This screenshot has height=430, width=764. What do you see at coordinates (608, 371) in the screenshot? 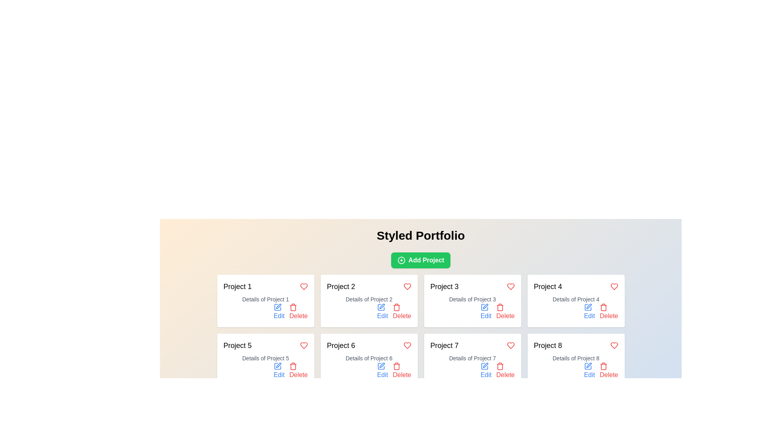
I see `the red 'Delete' button with bold text and a trash icon located in the bottom-right corner of the 'Project 8' card to observe any tooltips or color changes` at bounding box center [608, 371].